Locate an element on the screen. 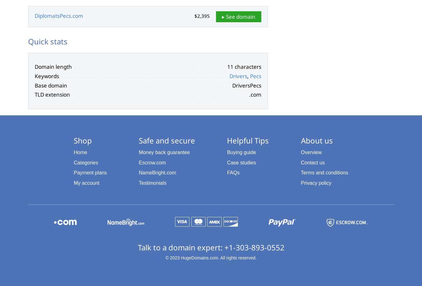  'DriversPecs' is located at coordinates (247, 85).